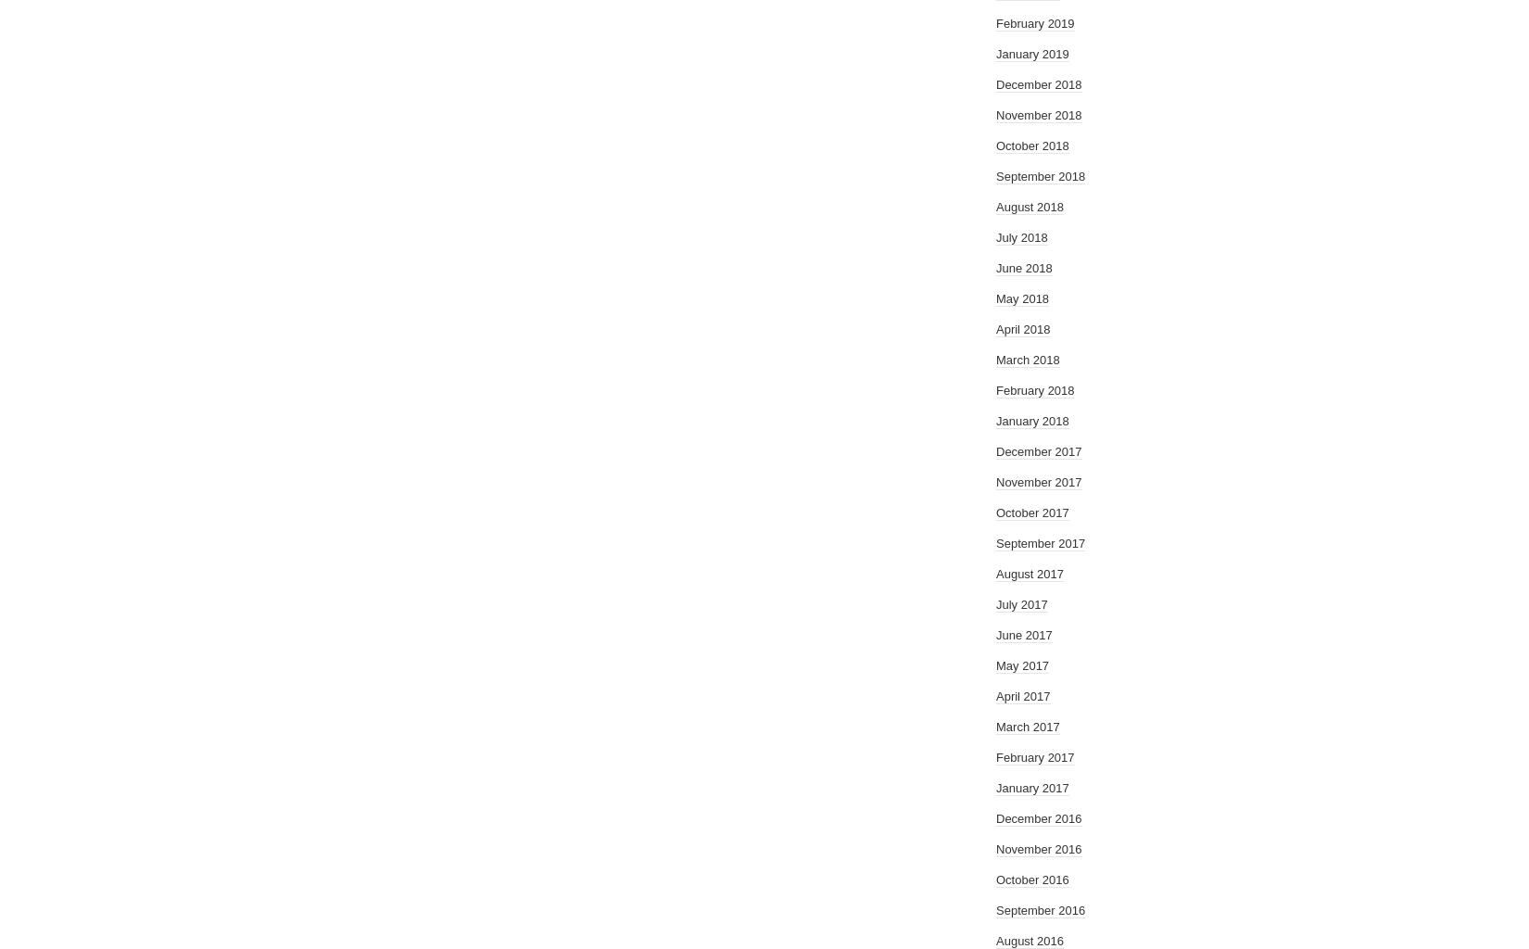  Describe the element at coordinates (1023, 329) in the screenshot. I see `'April 2018'` at that location.